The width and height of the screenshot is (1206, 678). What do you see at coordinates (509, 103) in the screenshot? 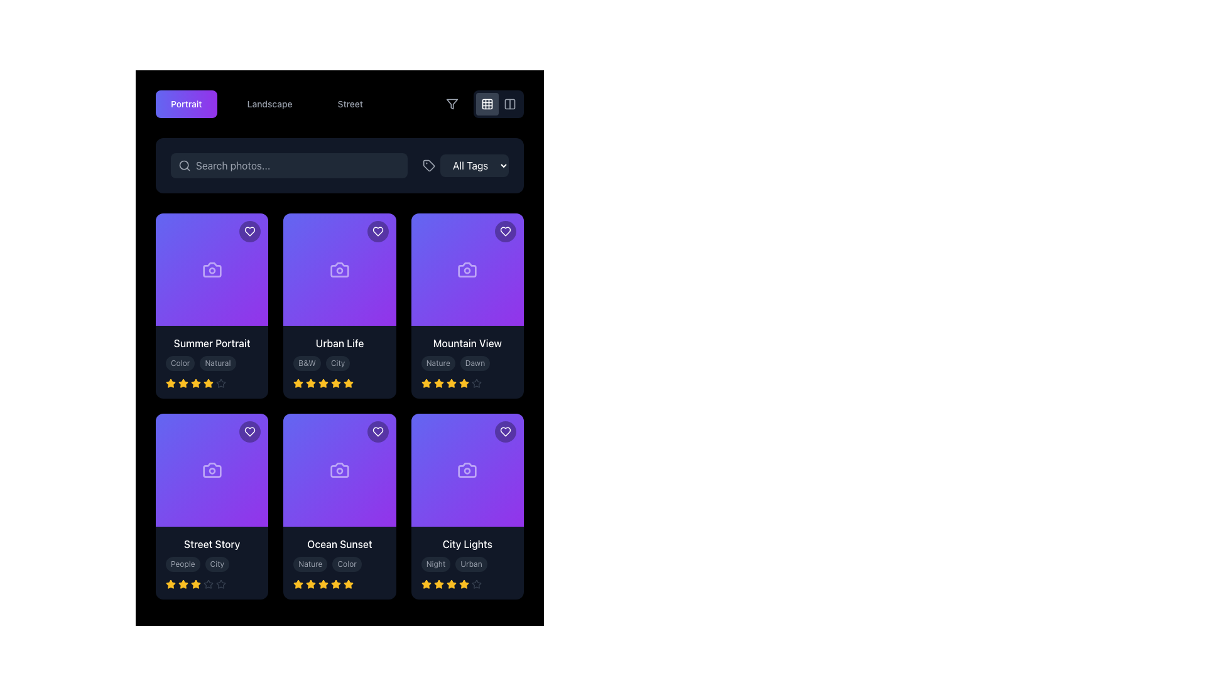
I see `the left rectangle of the two-column layout grid icon located in the top right corner of the interface, next to the filtering icon and above the image cards` at bounding box center [509, 103].